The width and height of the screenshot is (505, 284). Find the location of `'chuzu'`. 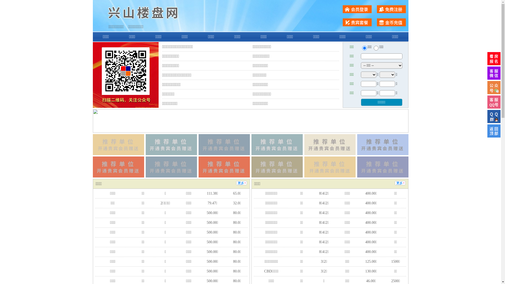

'chuzu' is located at coordinates (376, 48).